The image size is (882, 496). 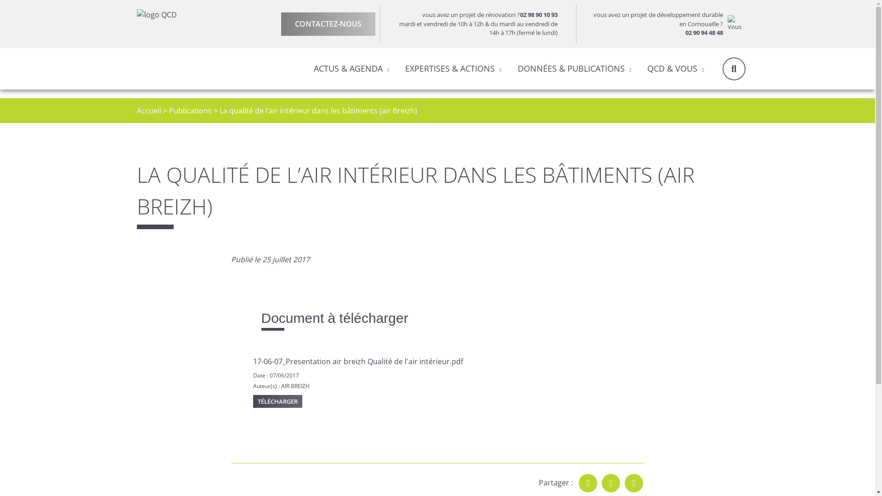 I want to click on 'Facebook', so click(x=588, y=483).